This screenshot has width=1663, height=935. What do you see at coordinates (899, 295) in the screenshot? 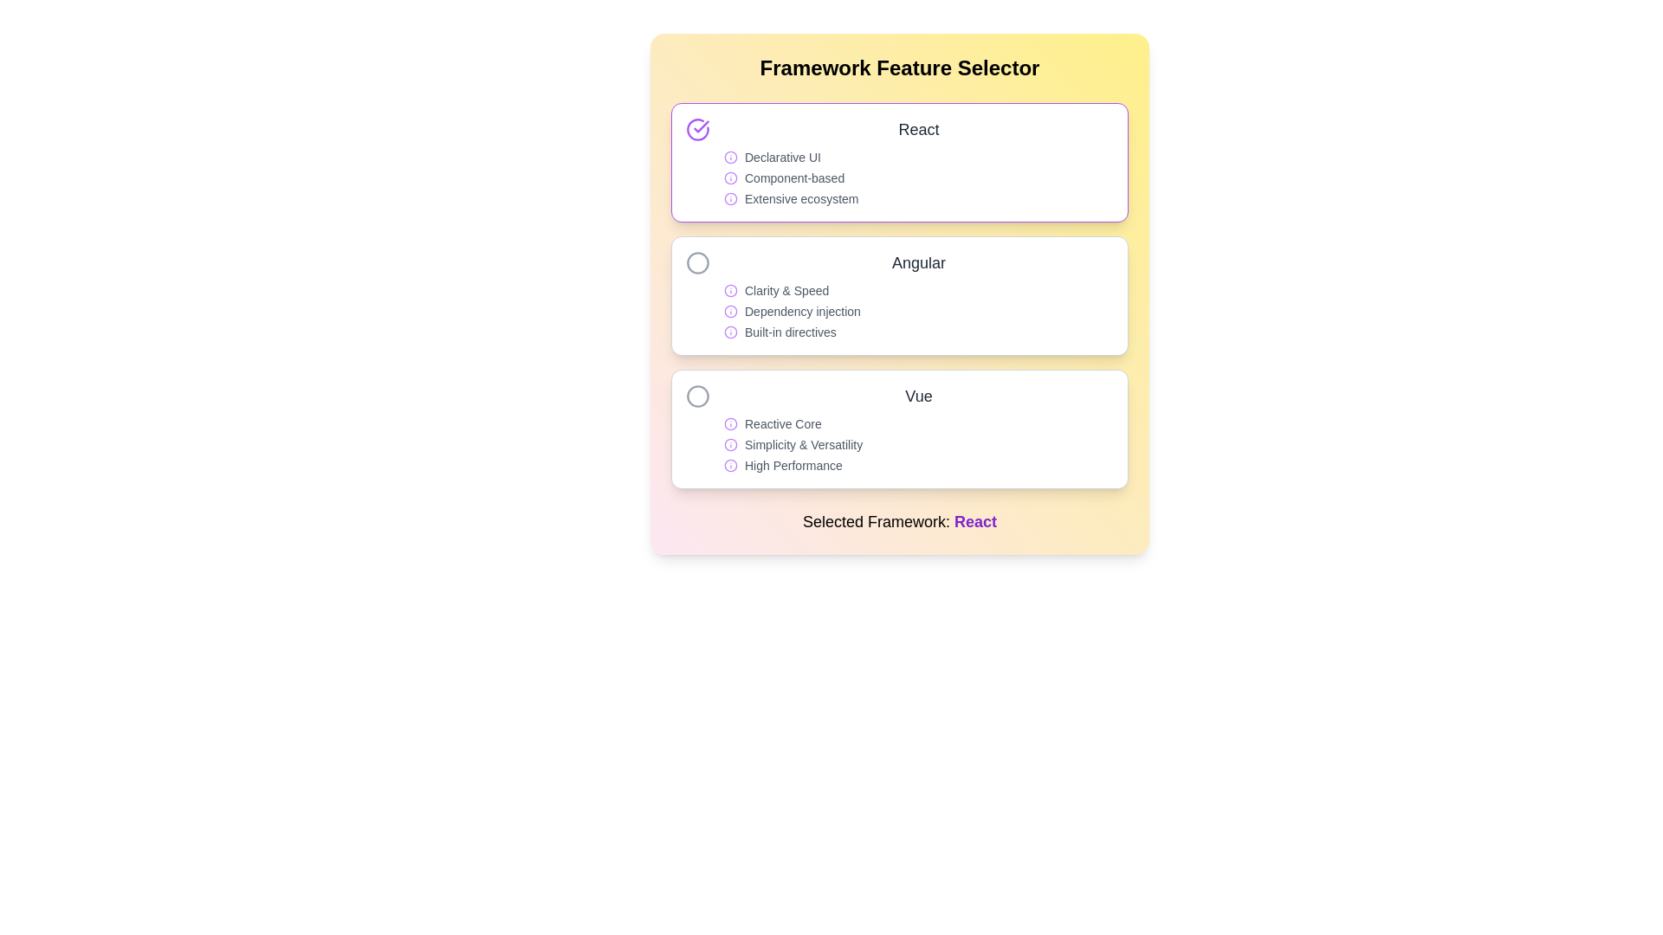
I see `the feature in the List of selectable items that represents a framework (React, Angular, or Vue)` at bounding box center [899, 295].